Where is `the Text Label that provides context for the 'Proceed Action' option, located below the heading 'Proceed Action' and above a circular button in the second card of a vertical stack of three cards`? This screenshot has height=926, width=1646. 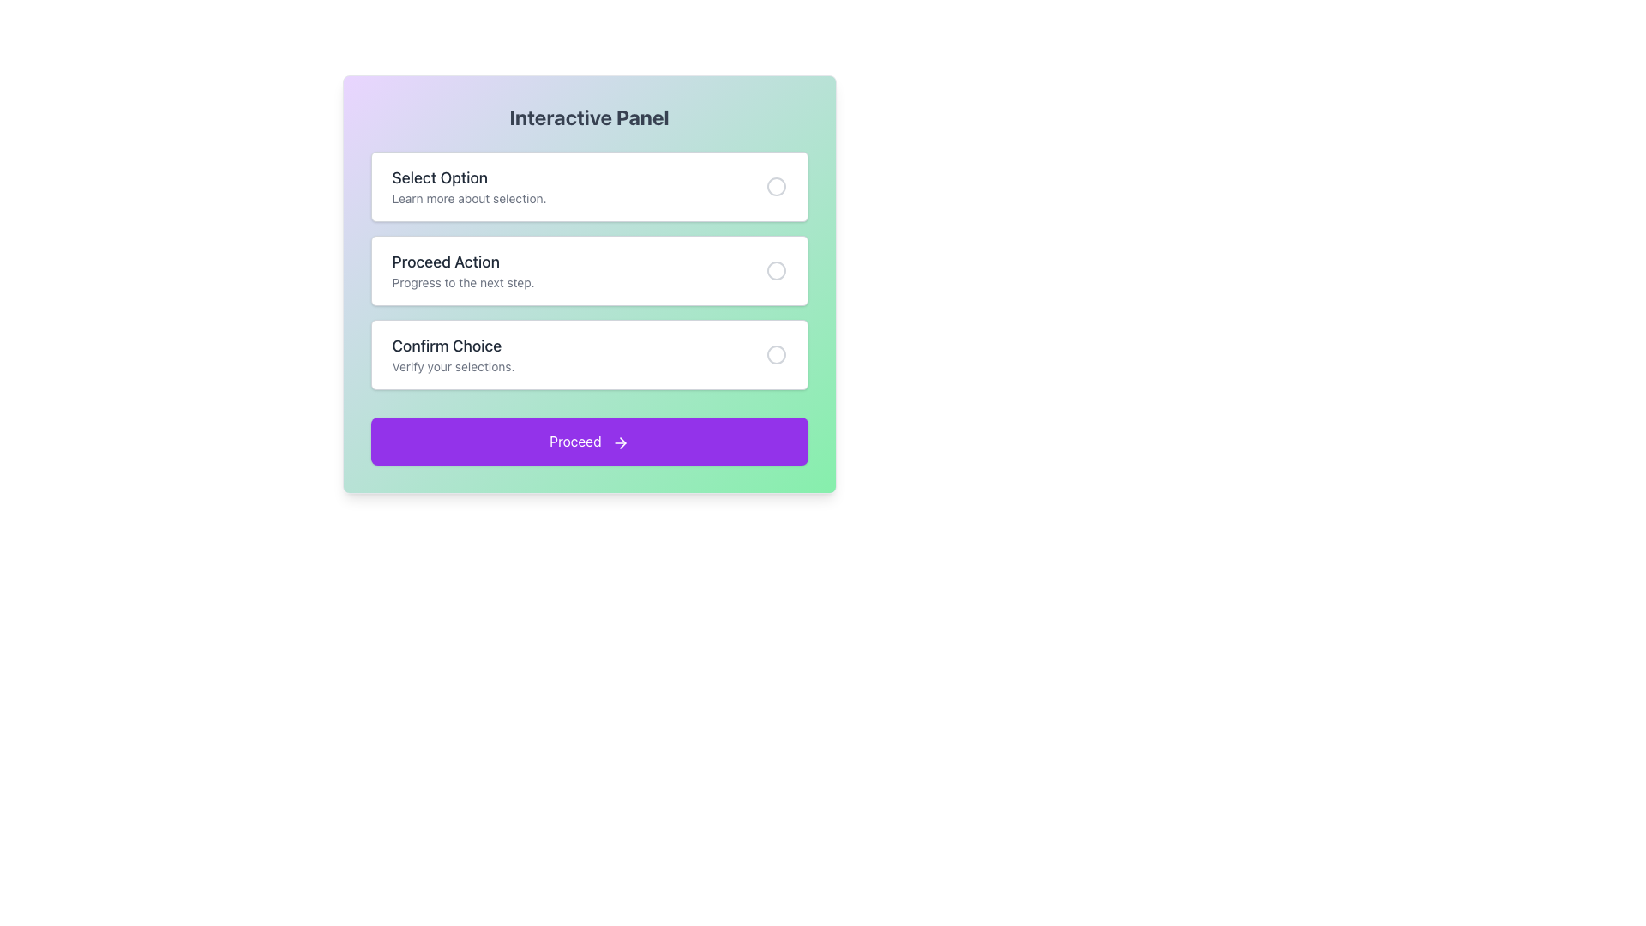
the Text Label that provides context for the 'Proceed Action' option, located below the heading 'Proceed Action' and above a circular button in the second card of a vertical stack of three cards is located at coordinates (463, 282).